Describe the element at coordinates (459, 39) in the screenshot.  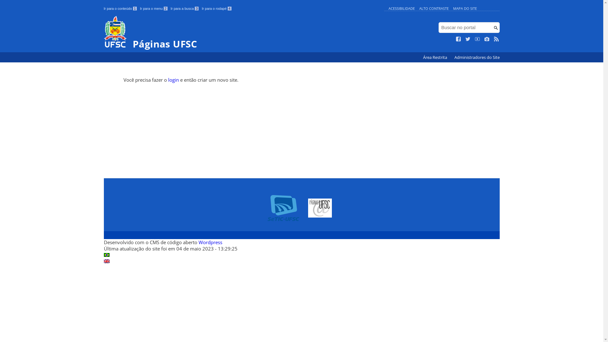
I see `'Curta no Facebook'` at that location.